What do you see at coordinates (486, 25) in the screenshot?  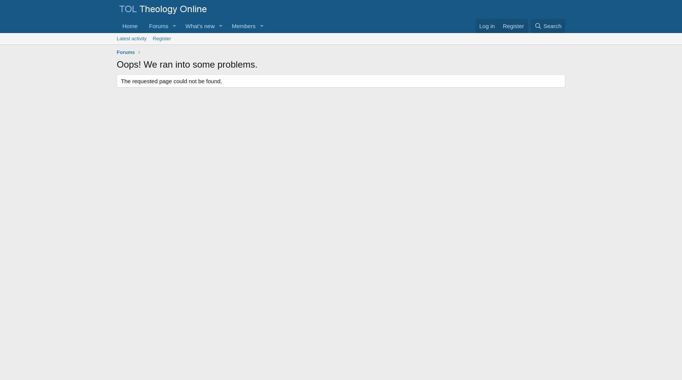 I see `'Log in'` at bounding box center [486, 25].